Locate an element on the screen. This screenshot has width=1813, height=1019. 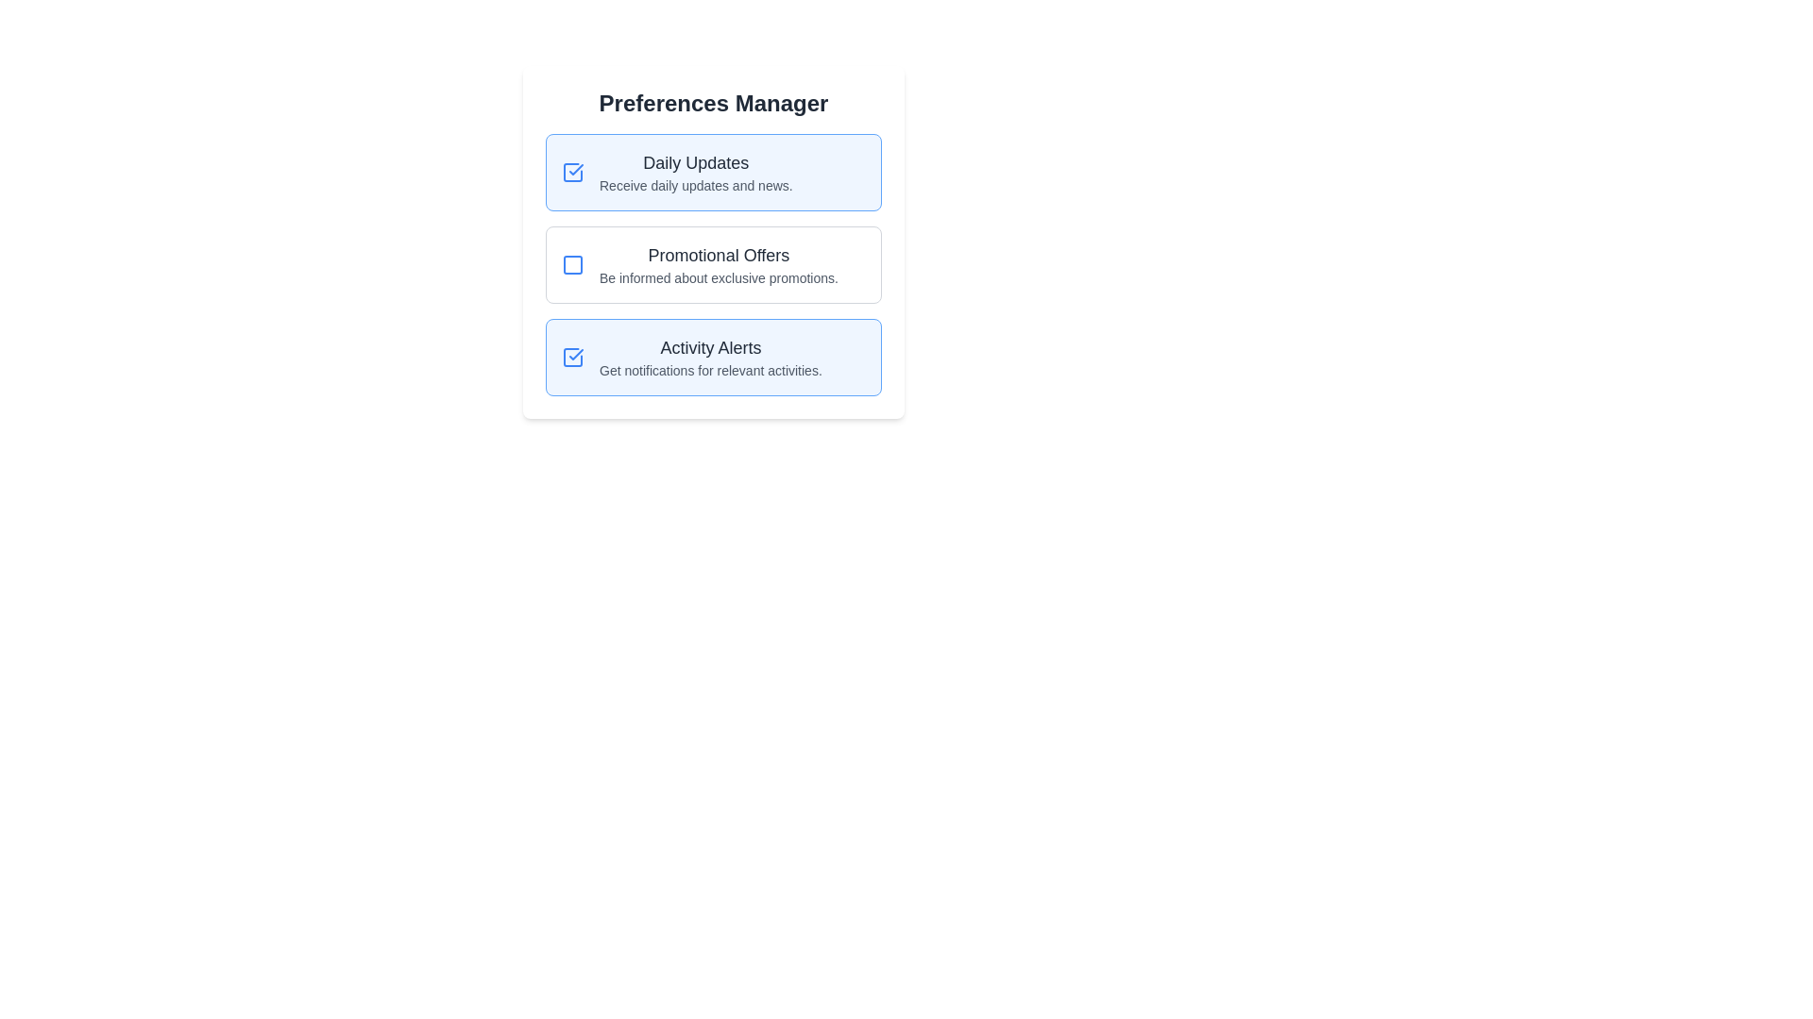
the active blue-outlined checkbox located in the 'Daily Updates' card is located at coordinates (571, 172).